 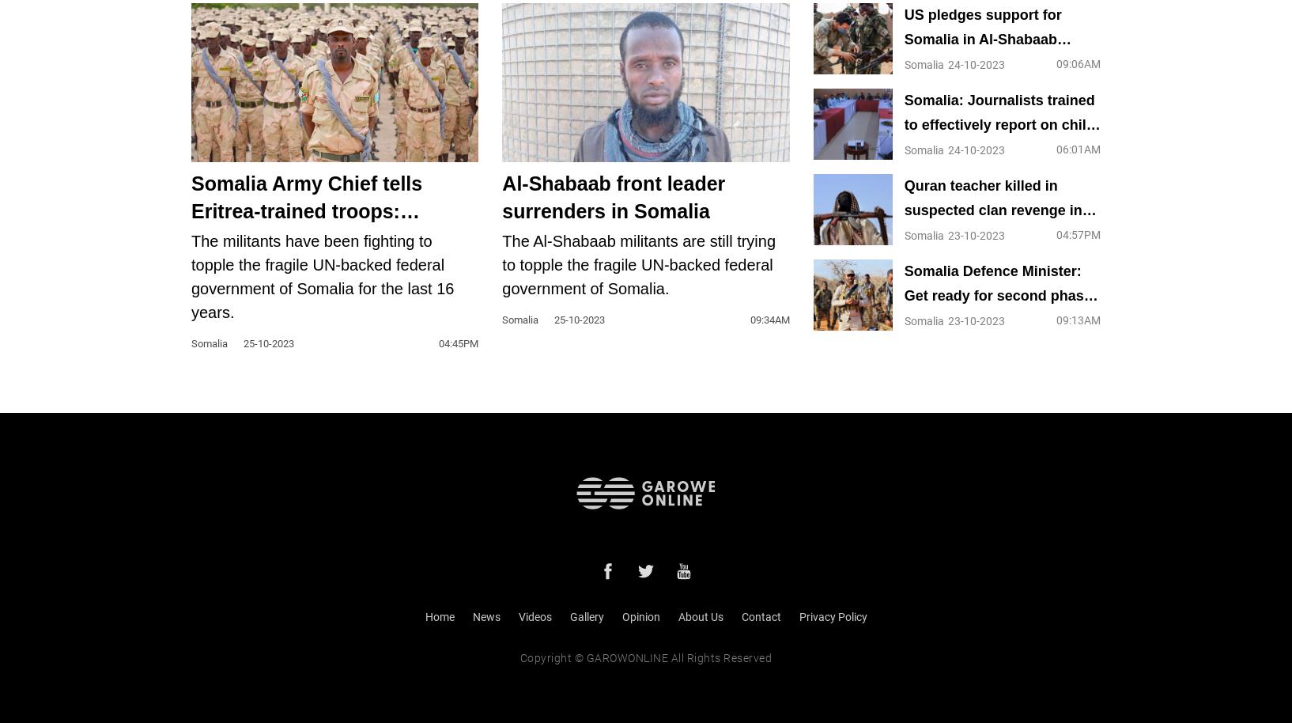 I want to click on 'Al-Shabaab front leader surrenders in Somalia', so click(x=501, y=195).